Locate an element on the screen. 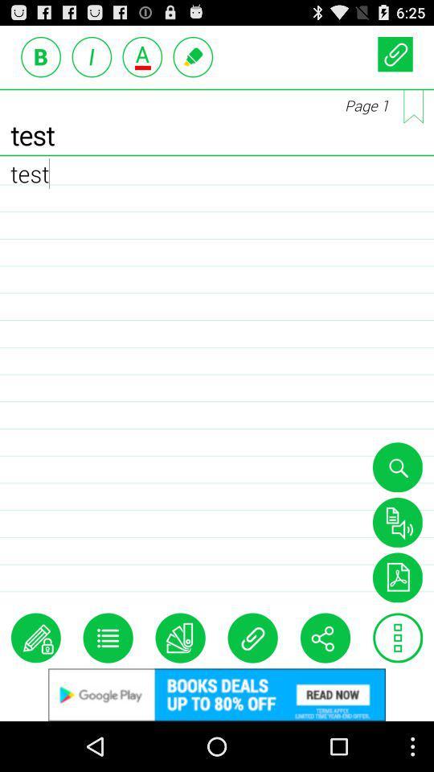  edit is located at coordinates (35, 638).